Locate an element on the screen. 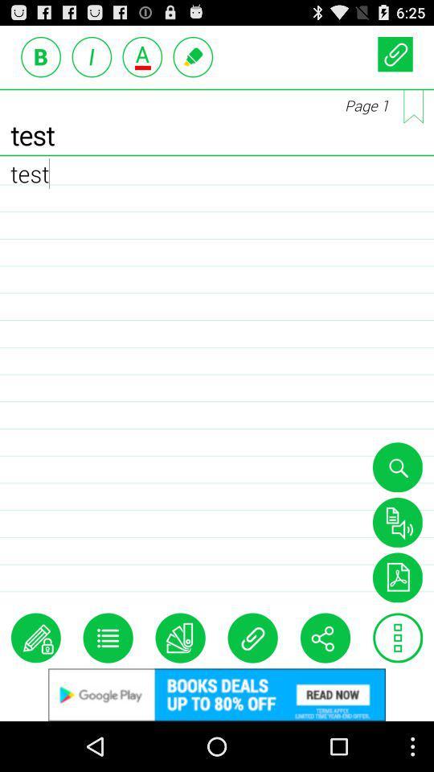  edit is located at coordinates (35, 638).